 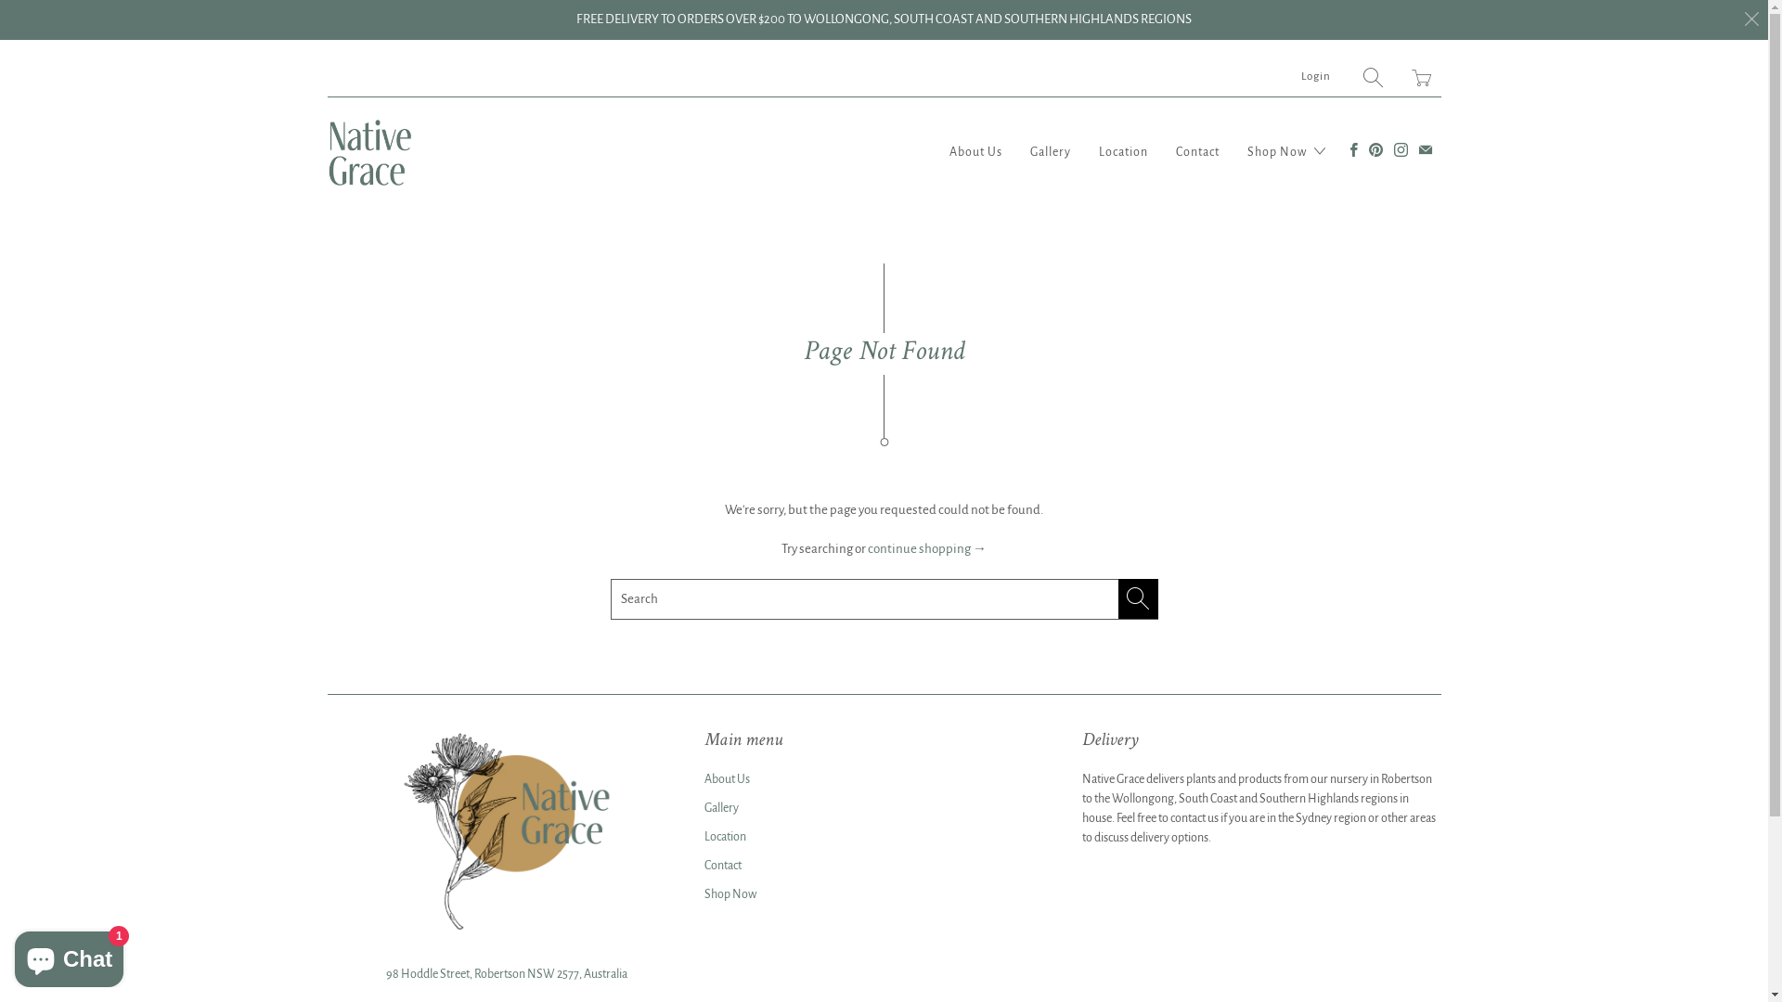 I want to click on 'Gallery', so click(x=1051, y=150).